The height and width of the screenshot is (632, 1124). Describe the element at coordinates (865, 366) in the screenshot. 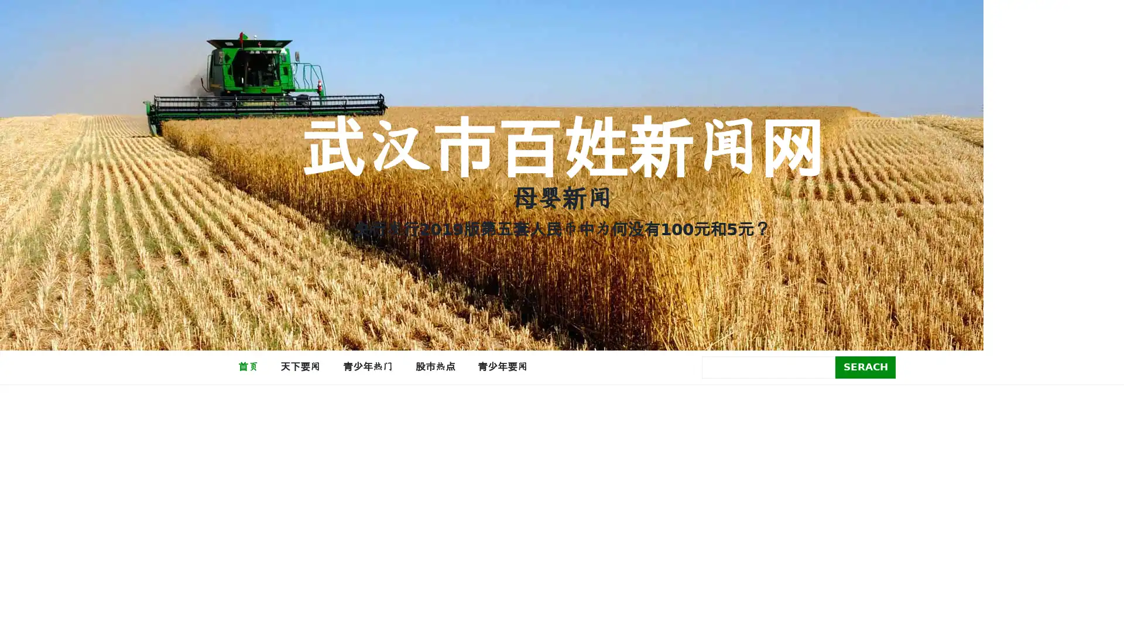

I see `serach` at that location.